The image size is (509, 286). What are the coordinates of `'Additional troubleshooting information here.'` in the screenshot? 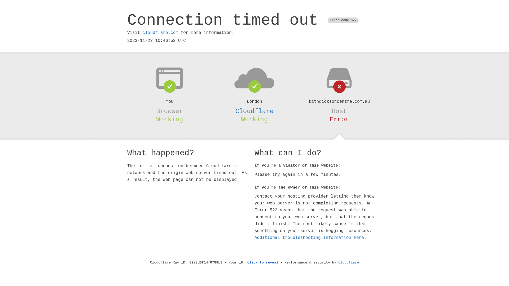 It's located at (310, 238).